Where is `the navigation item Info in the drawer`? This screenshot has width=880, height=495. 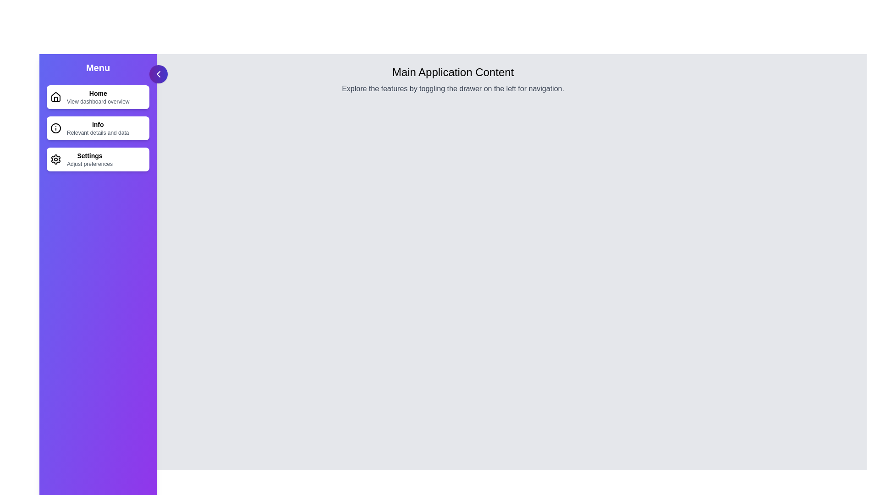
the navigation item Info in the drawer is located at coordinates (98, 128).